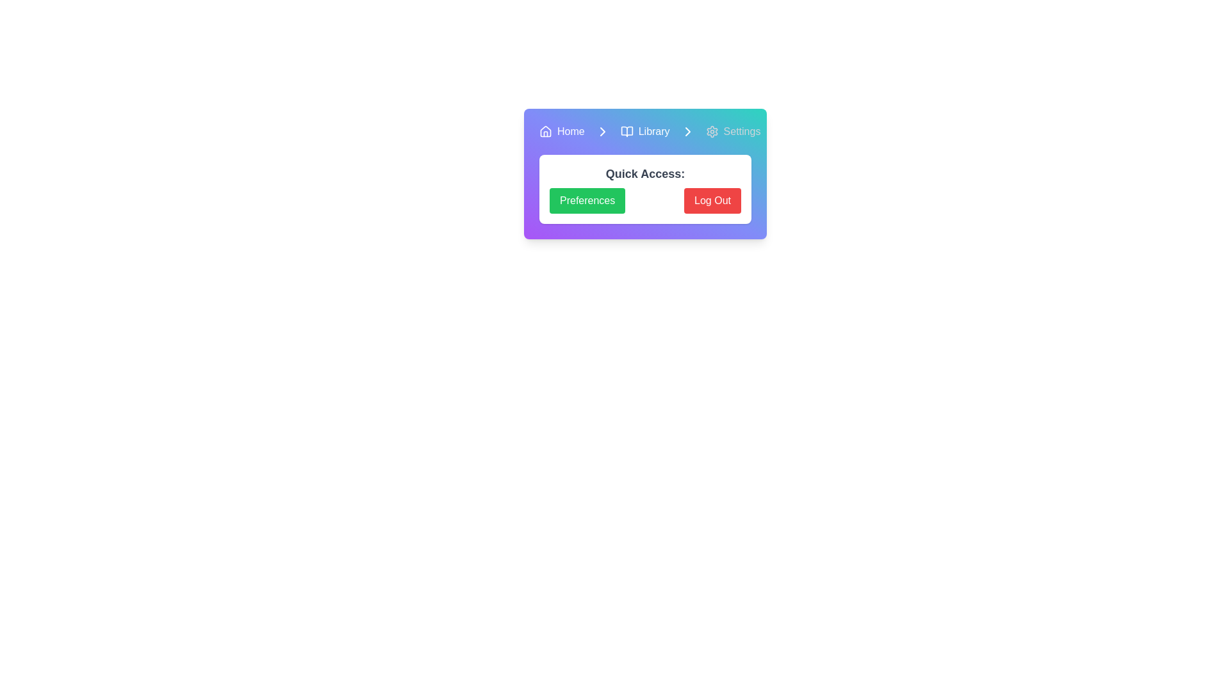 The height and width of the screenshot is (691, 1230). Describe the element at coordinates (711, 131) in the screenshot. I see `the gear icon located in the navigation header, adjacent to the 'Settings' text` at that location.